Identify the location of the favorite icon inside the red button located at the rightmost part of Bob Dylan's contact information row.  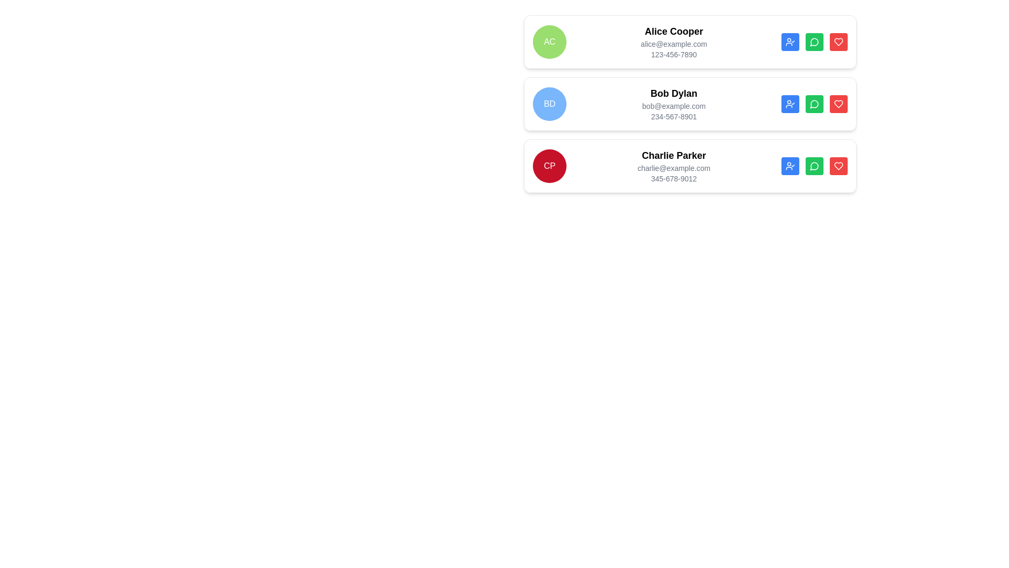
(838, 104).